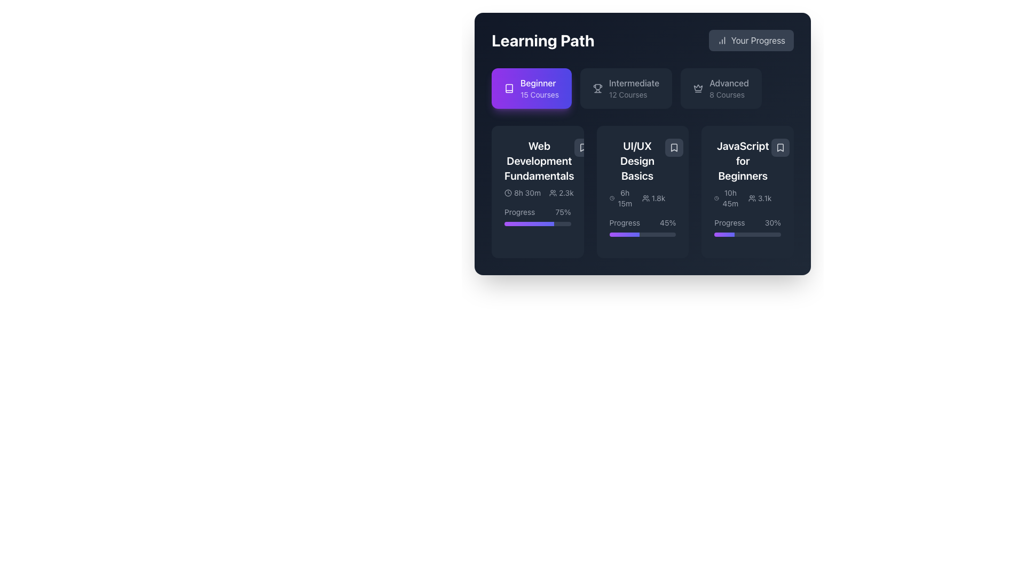  I want to click on the progress, so click(525, 223).